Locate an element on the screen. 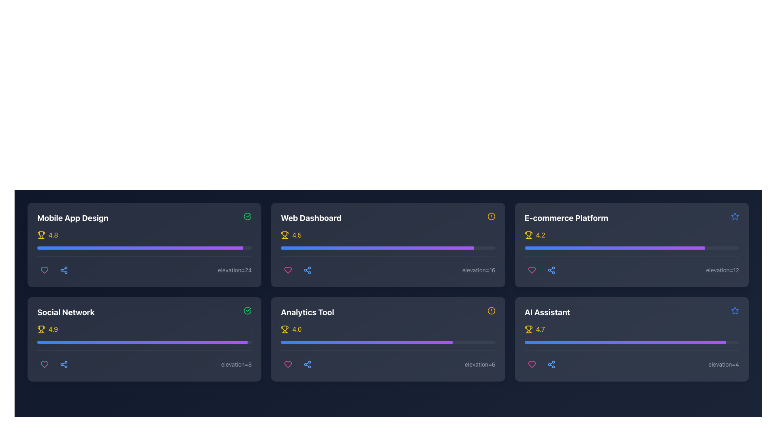 Image resolution: width=778 pixels, height=437 pixels. the award icon located in the 'AI Assistant' section, positioned near the '4.7' rating text, as it is the first element in the row of indicators is located at coordinates (528, 329).